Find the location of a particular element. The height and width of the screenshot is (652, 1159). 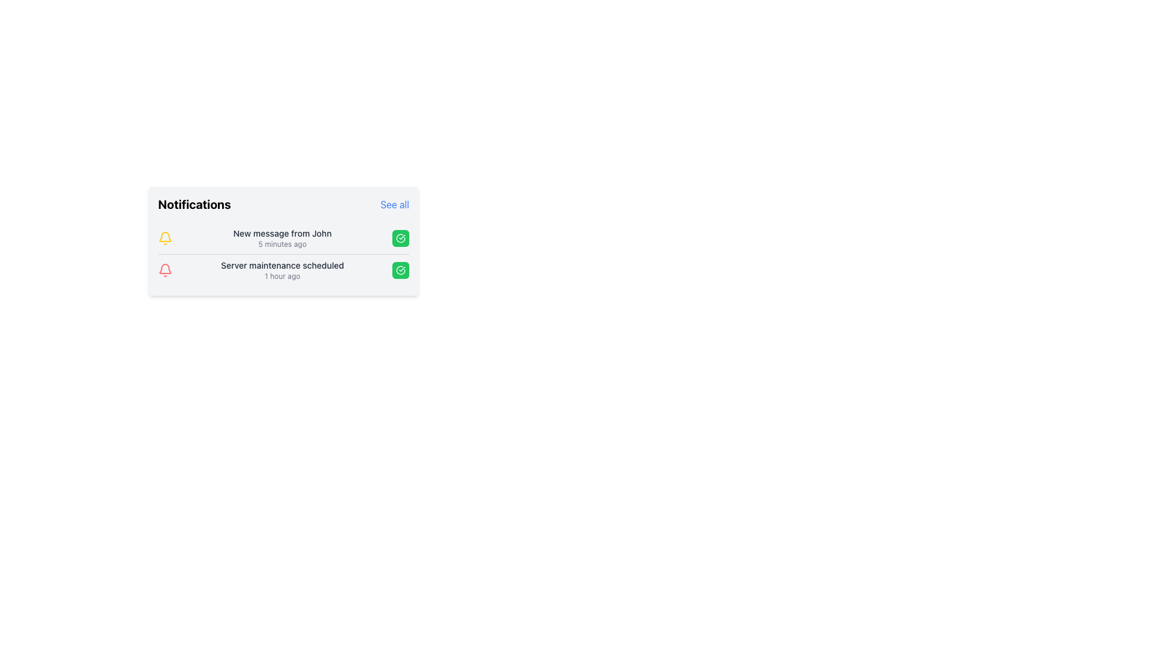

the small circular green icon with a white checkmark to mark the notification 'Server maintenance scheduled' as read is located at coordinates (400, 238).